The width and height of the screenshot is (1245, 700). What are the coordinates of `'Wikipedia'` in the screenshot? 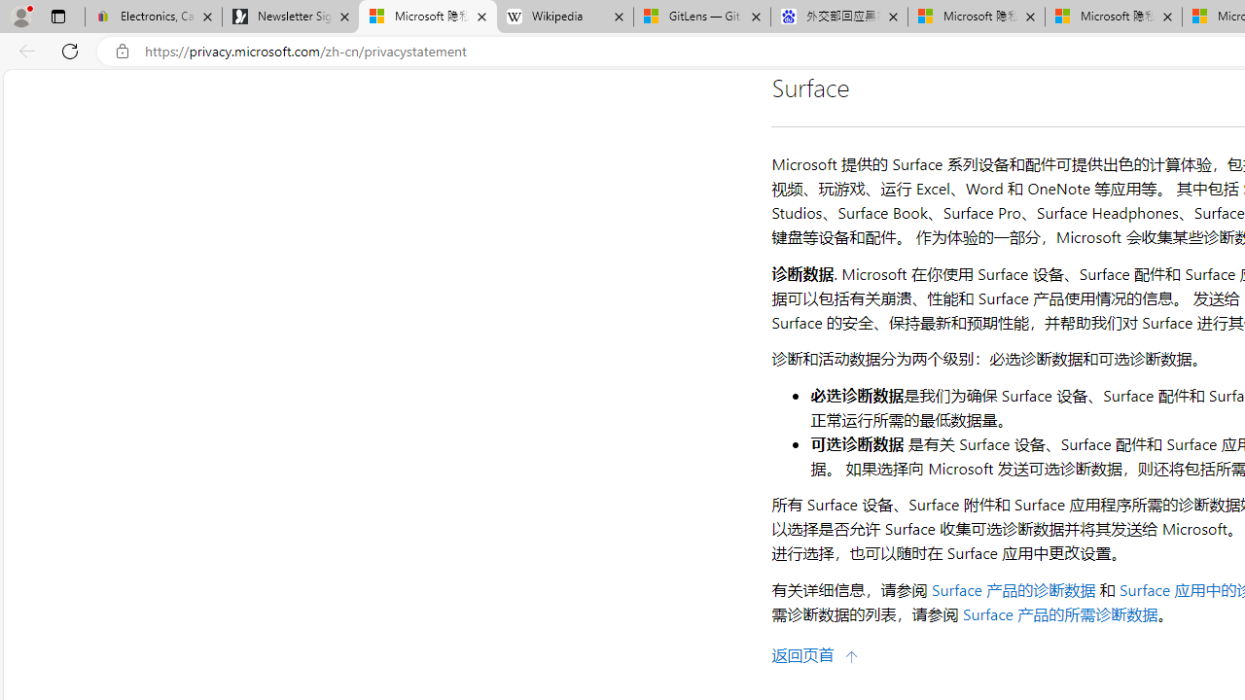 It's located at (564, 17).